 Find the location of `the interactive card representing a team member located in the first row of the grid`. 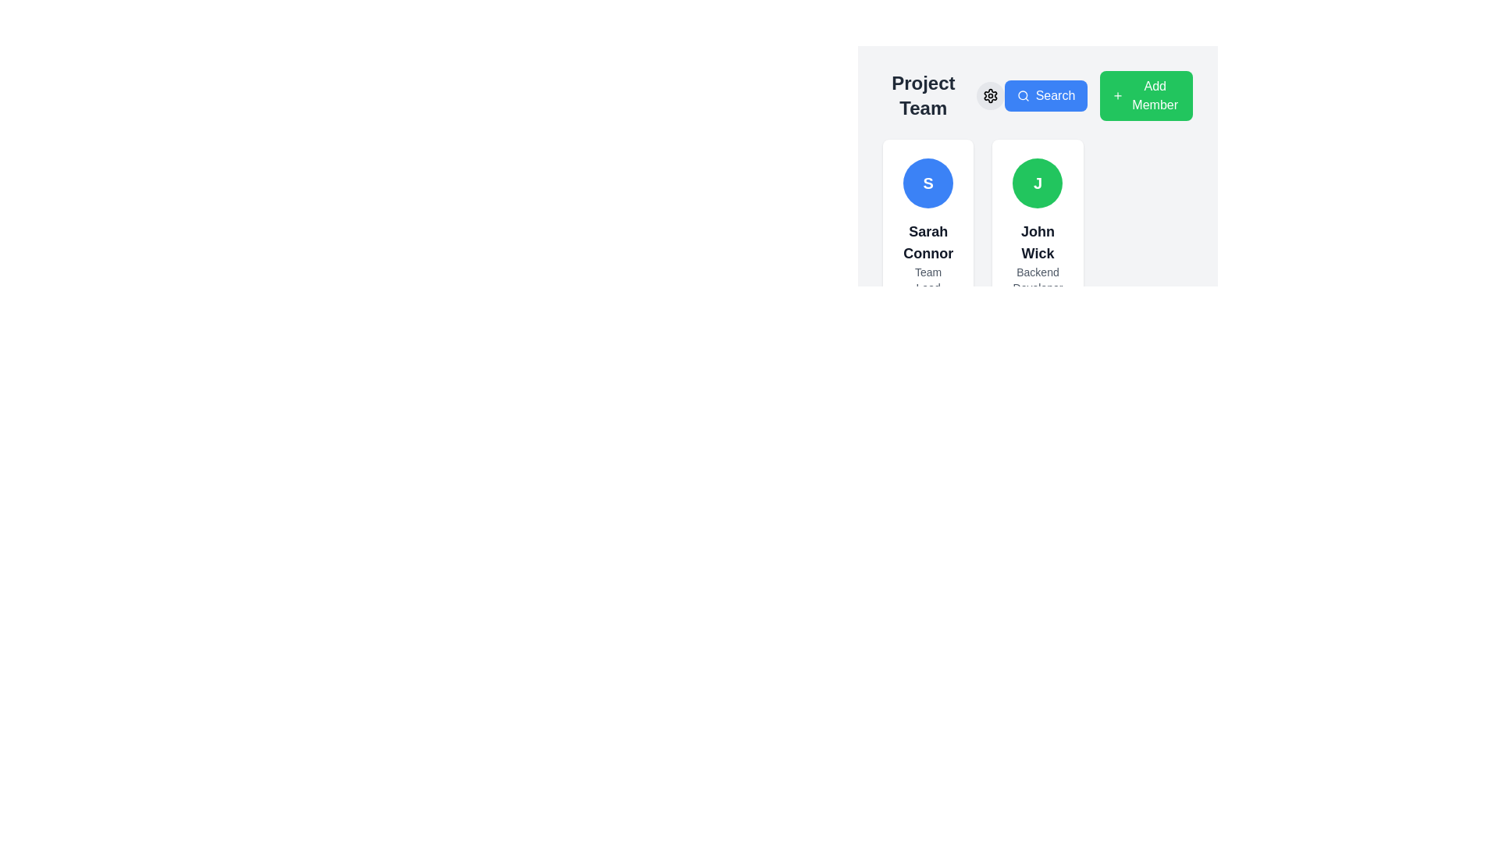

the interactive card representing a team member located in the first row of the grid is located at coordinates (928, 226).